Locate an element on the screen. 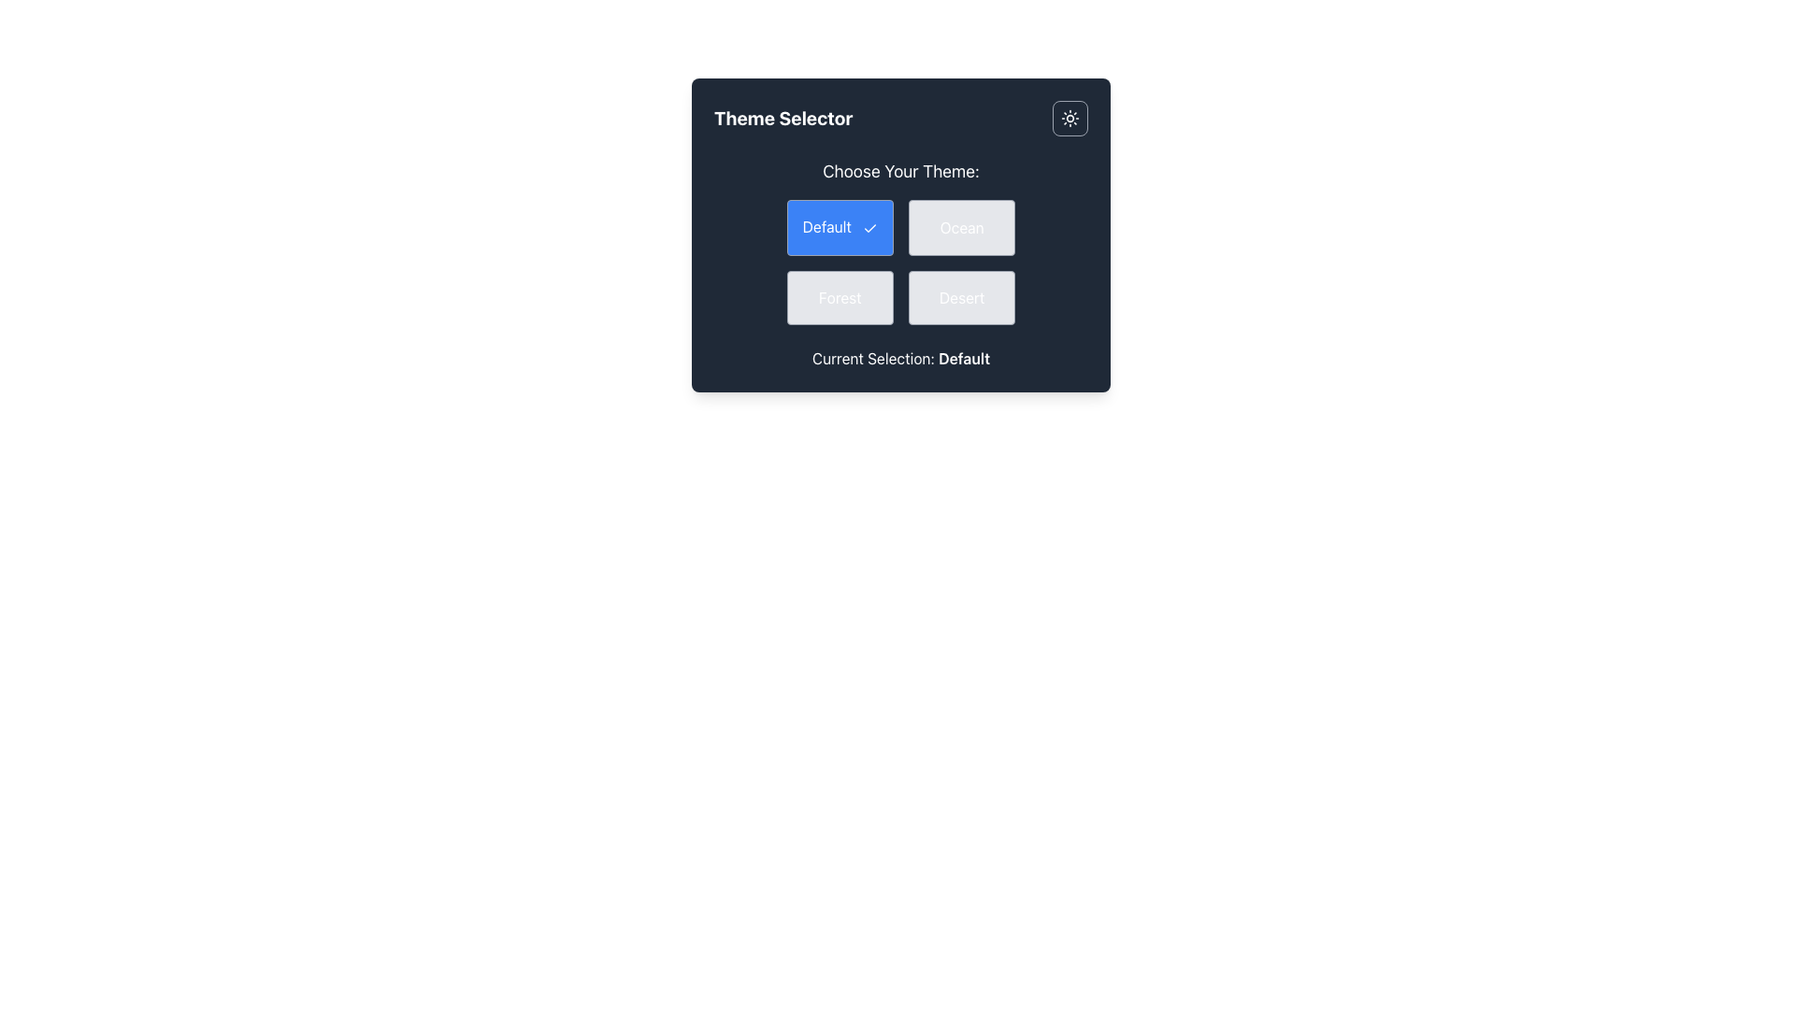  the 'Default' button within the 'Choose Your Theme:' section of the Theme Selector card is located at coordinates (901, 240).